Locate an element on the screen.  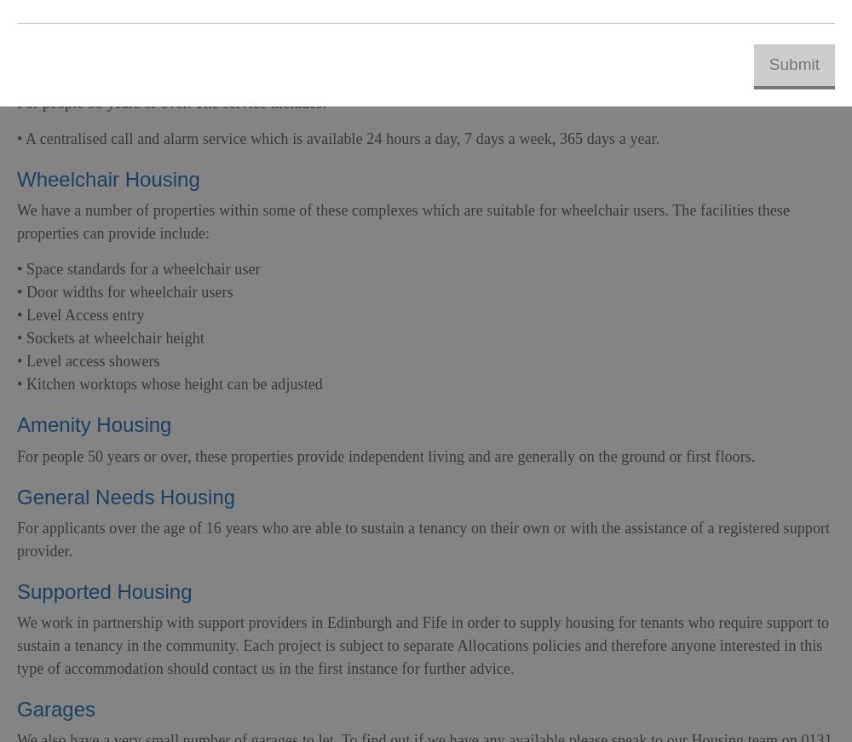
'We work in partnership with support providers in Edinburgh and Fife in order to supply housing for tenants who require support to sustain a tenancy in the community. Each project is subject to separate Allocations policies and therefore anyone interested in this type of accommodation should contact us in the first instance for further advice.' is located at coordinates (17, 644).